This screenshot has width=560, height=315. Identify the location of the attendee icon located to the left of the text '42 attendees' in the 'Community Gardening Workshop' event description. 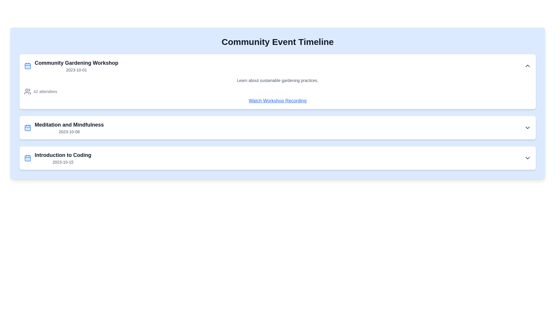
(27, 91).